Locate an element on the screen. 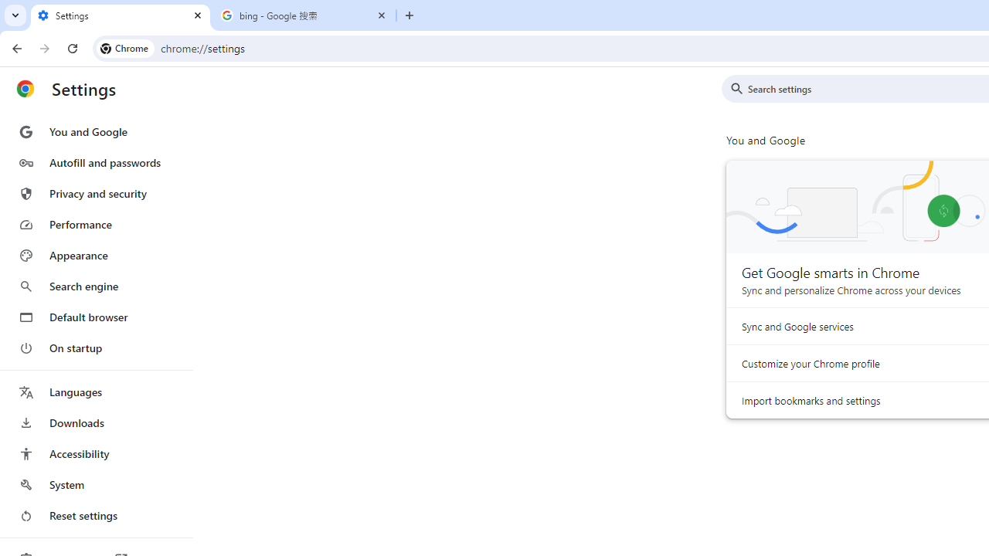 Image resolution: width=989 pixels, height=556 pixels. 'Default browser' is located at coordinates (95, 317).